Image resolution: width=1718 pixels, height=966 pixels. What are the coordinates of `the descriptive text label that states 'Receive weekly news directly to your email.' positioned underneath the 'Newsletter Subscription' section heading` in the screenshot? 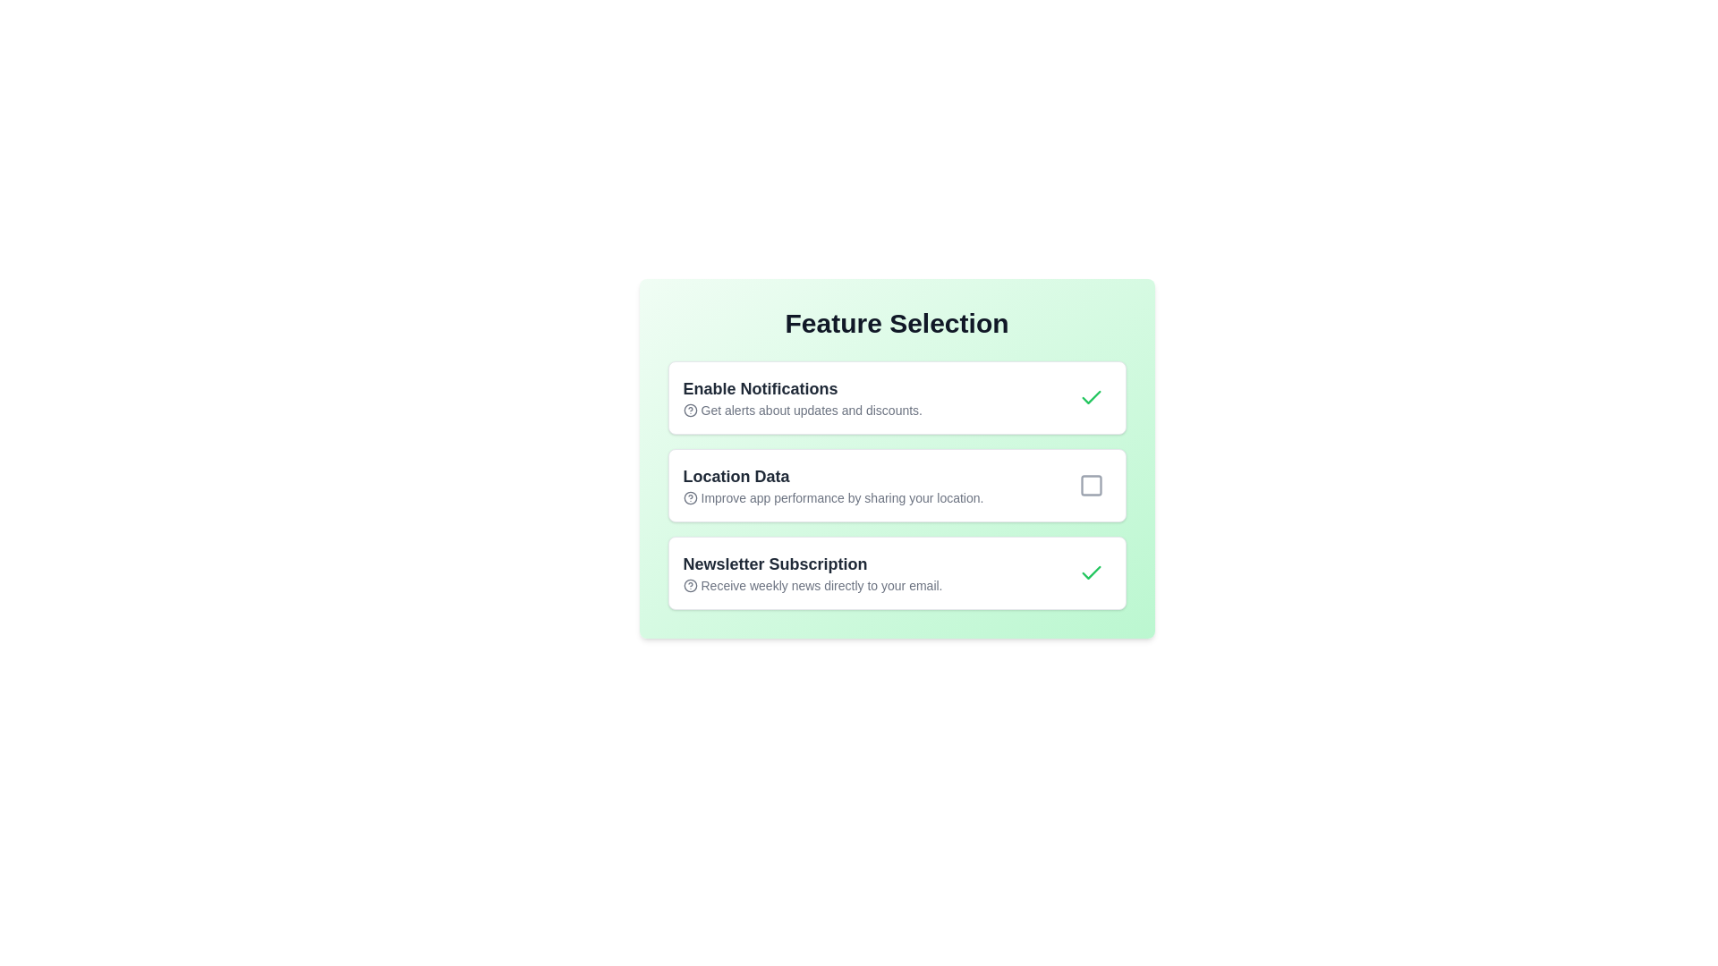 It's located at (812, 586).